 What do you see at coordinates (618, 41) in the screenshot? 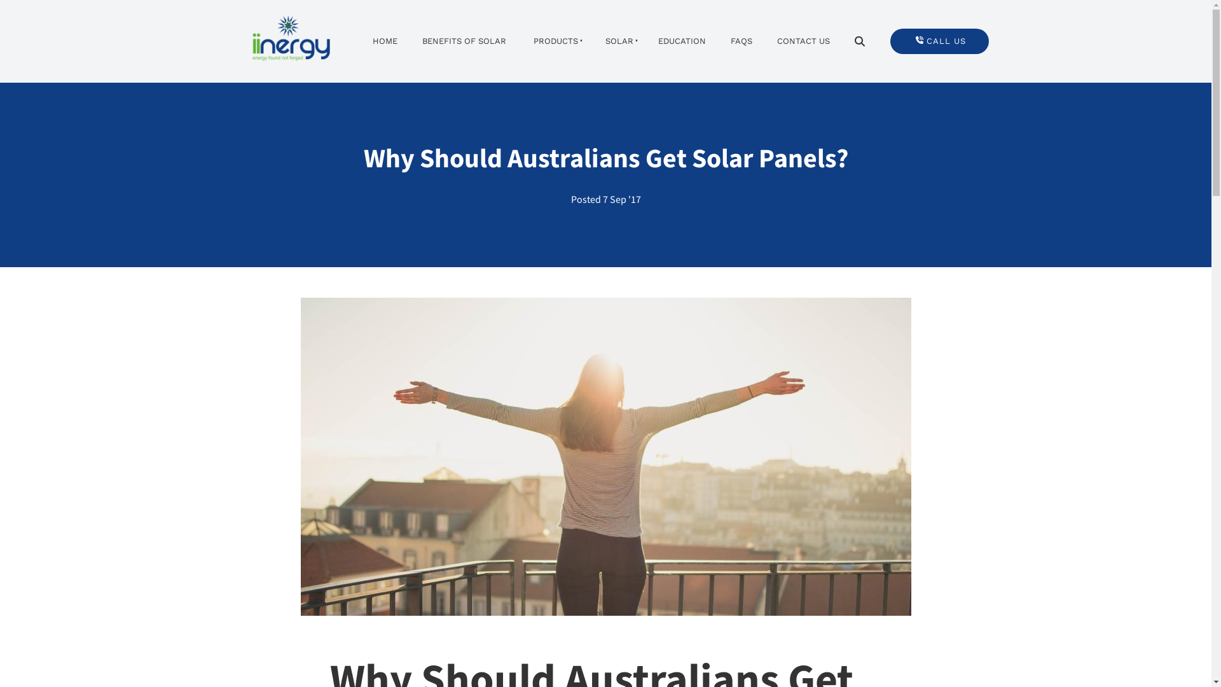
I see `'SOLAR'` at bounding box center [618, 41].